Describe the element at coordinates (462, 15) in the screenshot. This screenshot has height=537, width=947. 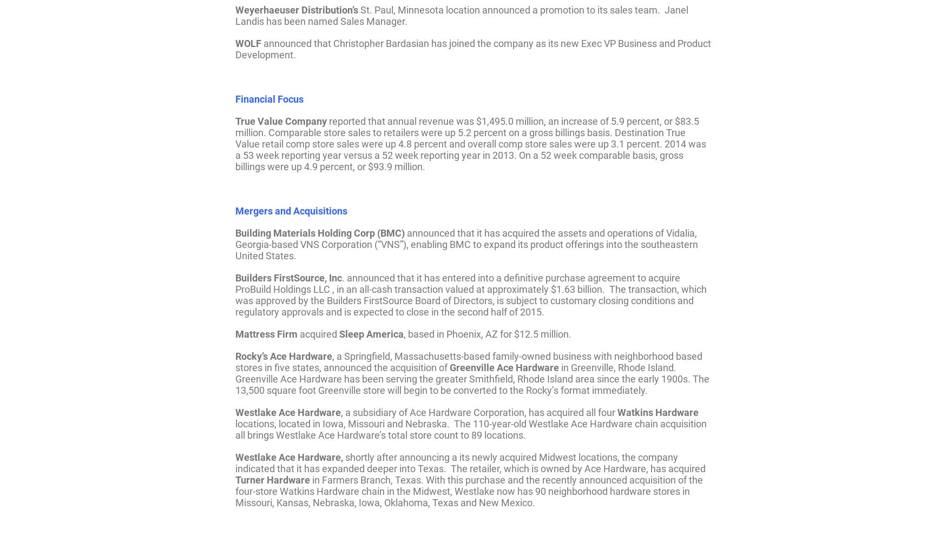
I see `'St. Paul, Minnesota location announced a promotion to its sales team.  Janel Landis has been named Sales Manager.'` at that location.